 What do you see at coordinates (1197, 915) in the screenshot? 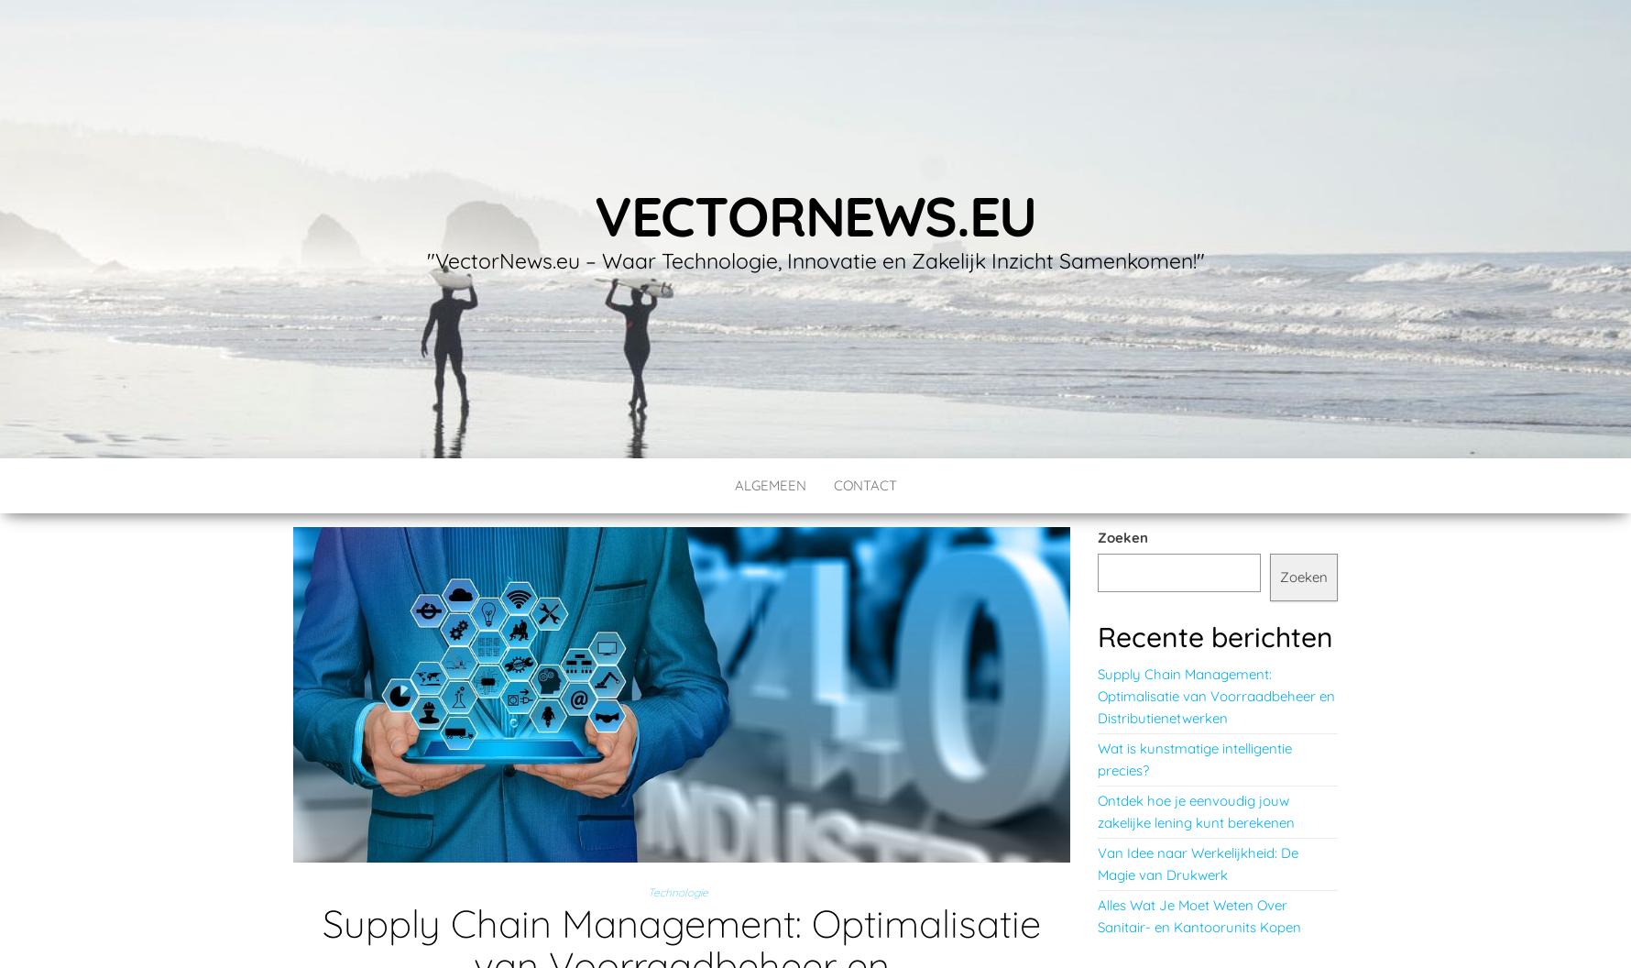
I see `'Alles Wat Je Moet Weten Over Sanitair- en Kantoorunits Kopen'` at bounding box center [1197, 915].